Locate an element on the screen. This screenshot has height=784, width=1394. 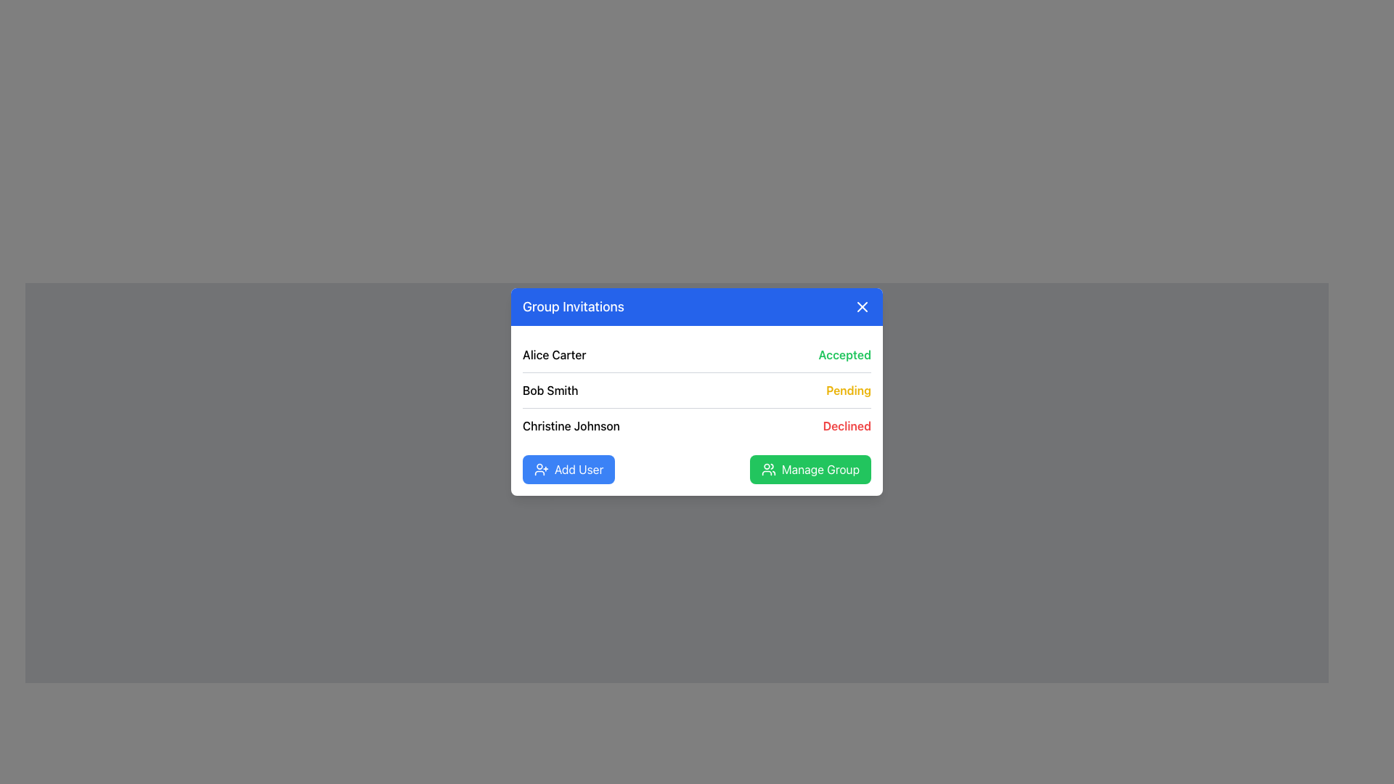
the text label displaying 'Alice Carter' in the 'Group Invitations' card, which is the first row entry and aligned to the left is located at coordinates (553, 355).